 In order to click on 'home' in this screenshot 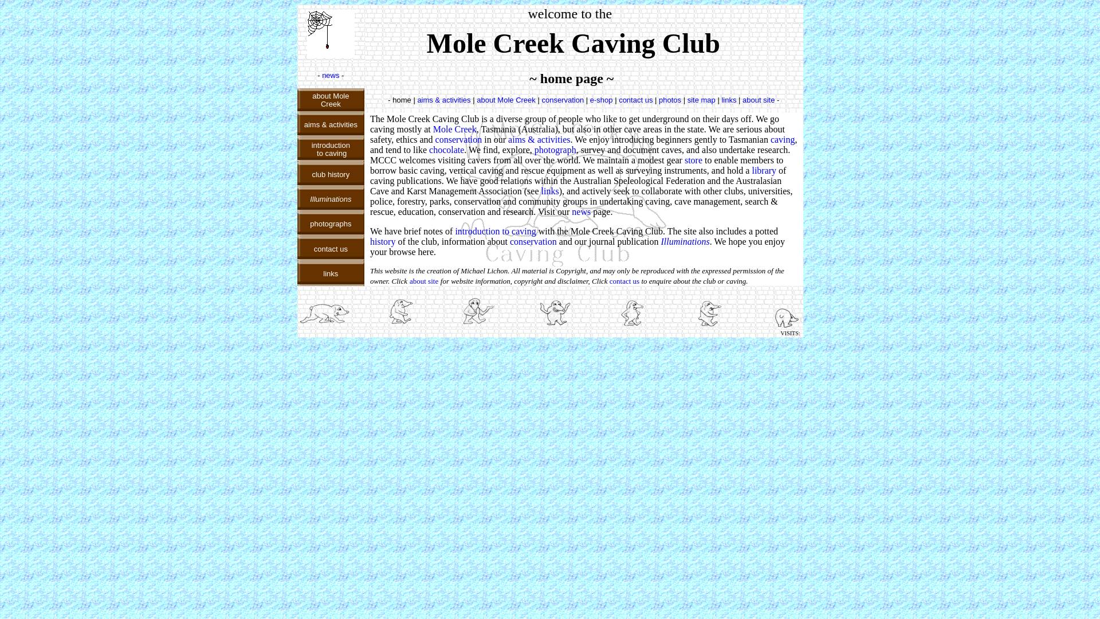, I will do `click(402, 99)`.